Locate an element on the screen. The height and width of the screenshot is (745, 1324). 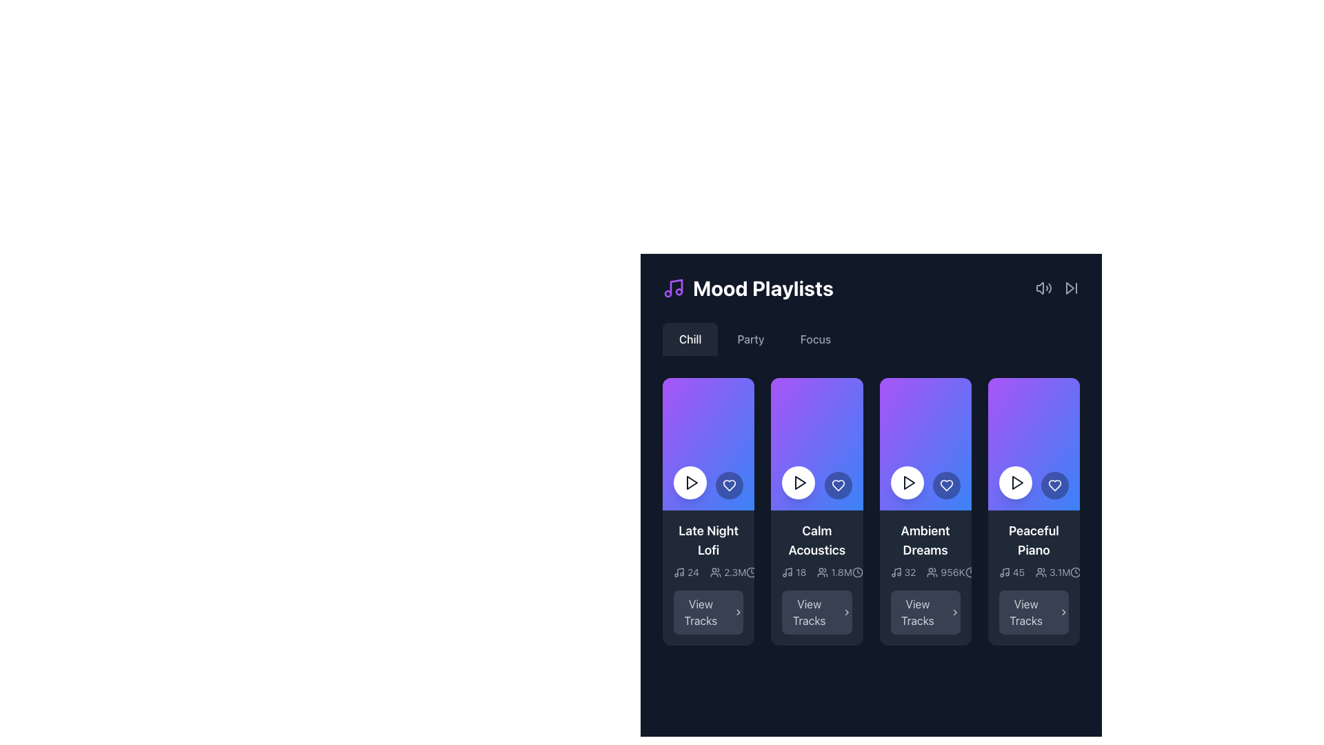
the circular button with a transparent black background and a white heart-shaped icon at its center, located in the lower-right corner of the 'Ambient Dreams' playlist card to like the playlist is located at coordinates (945, 485).